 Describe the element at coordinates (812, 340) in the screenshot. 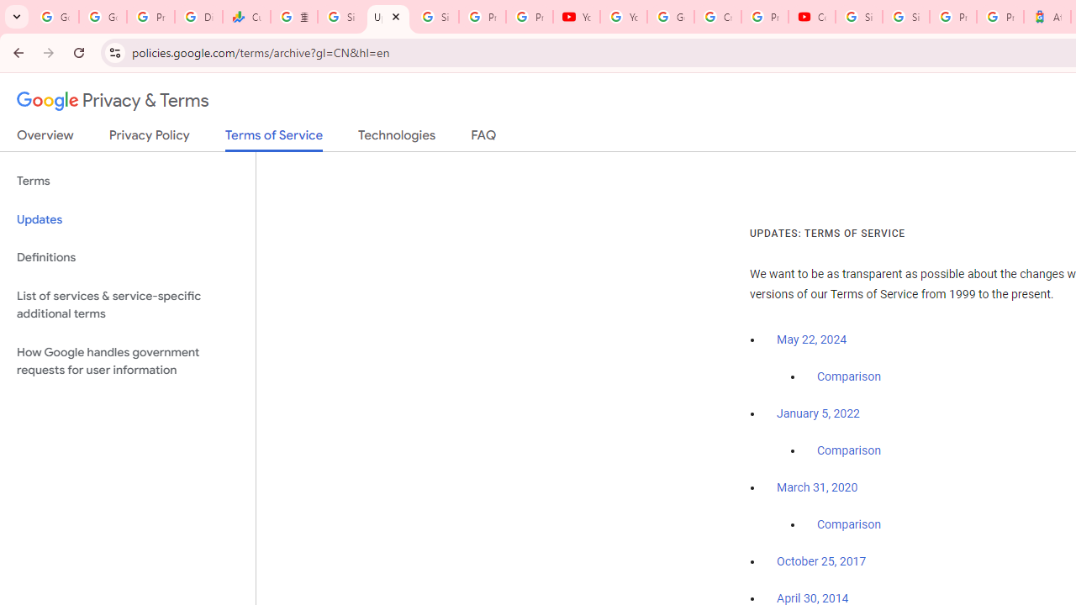

I see `'May 22, 2024'` at that location.